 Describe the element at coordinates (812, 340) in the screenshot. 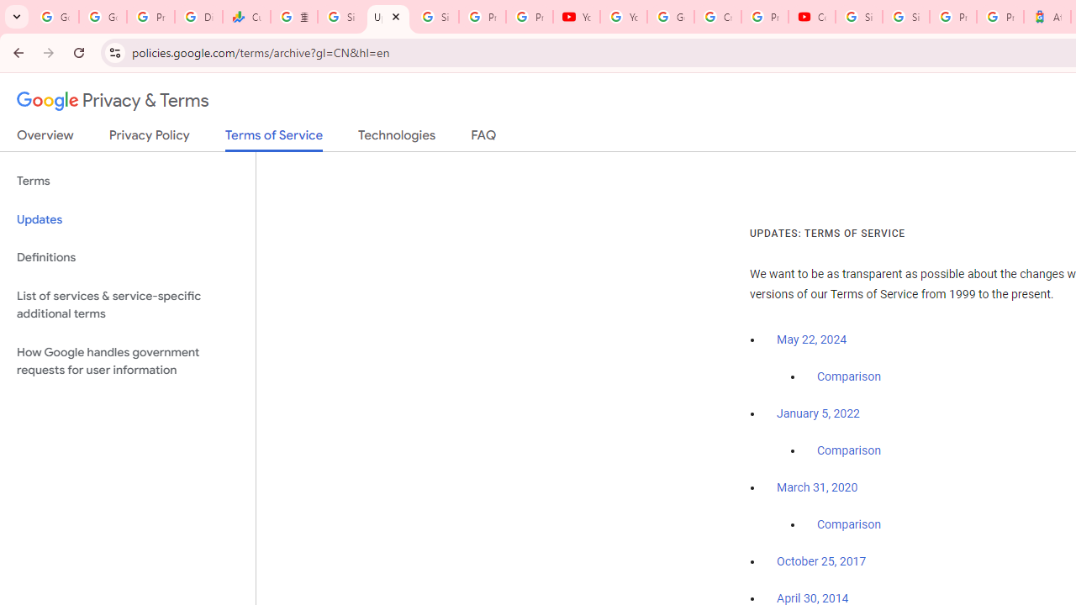

I see `'May 22, 2024'` at that location.